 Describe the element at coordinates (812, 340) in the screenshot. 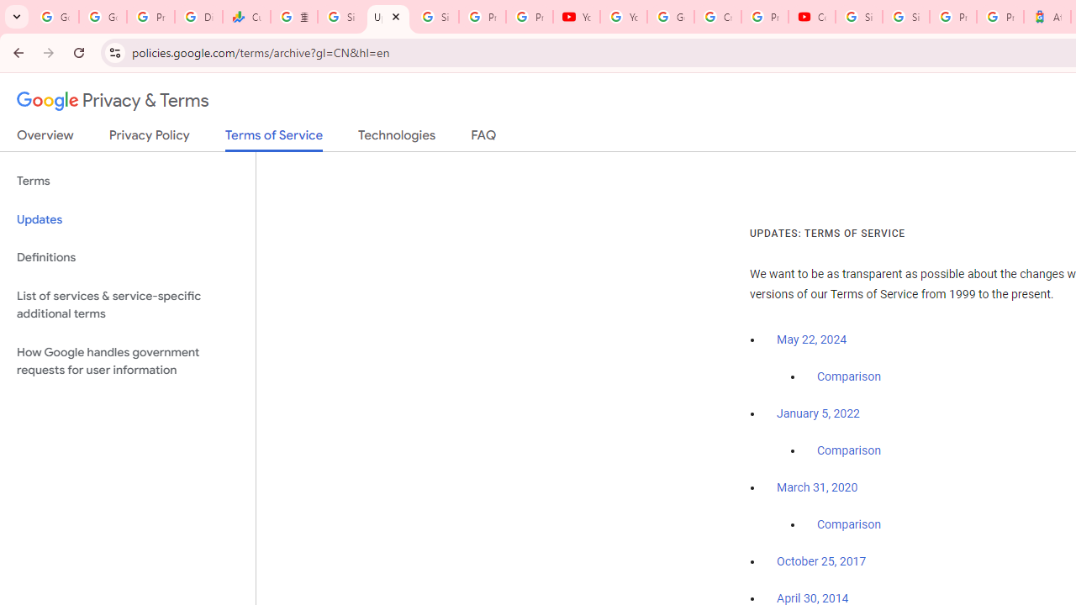

I see `'May 22, 2024'` at that location.